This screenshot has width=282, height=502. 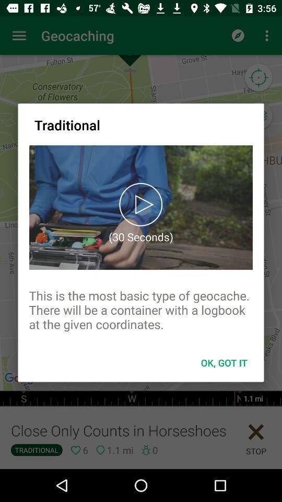 I want to click on the ok, got it icon, so click(x=224, y=362).